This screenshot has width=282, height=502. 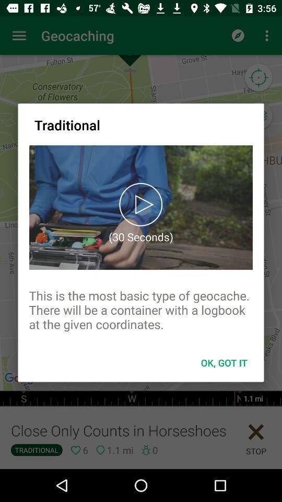 I want to click on the ok, got it icon, so click(x=224, y=362).